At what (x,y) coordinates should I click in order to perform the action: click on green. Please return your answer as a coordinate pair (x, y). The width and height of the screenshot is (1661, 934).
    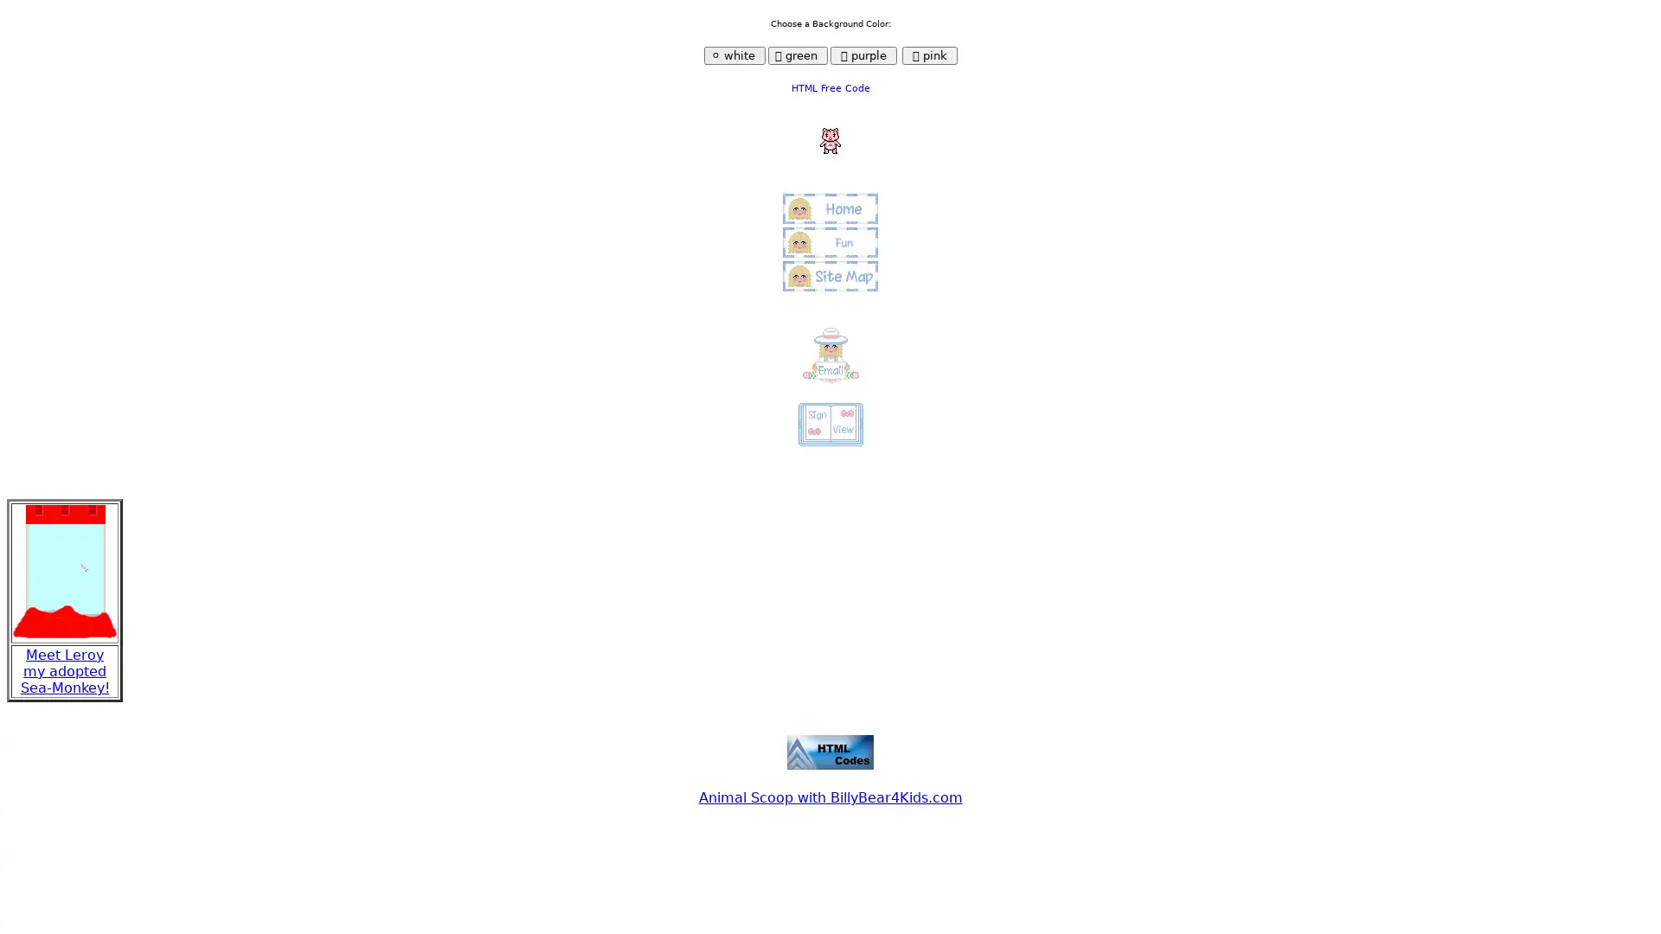
    Looking at the image, I should click on (796, 54).